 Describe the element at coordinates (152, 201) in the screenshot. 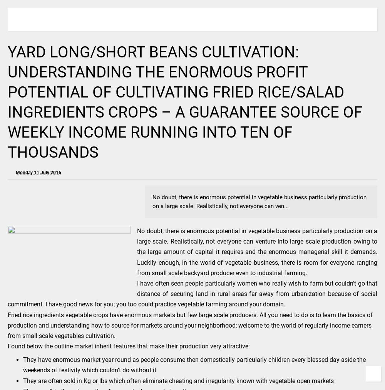

I see `'No doubt, there is enormous potential in vegetable business particularly production on a large scale. Realistically, not everyone can ven...'` at that location.